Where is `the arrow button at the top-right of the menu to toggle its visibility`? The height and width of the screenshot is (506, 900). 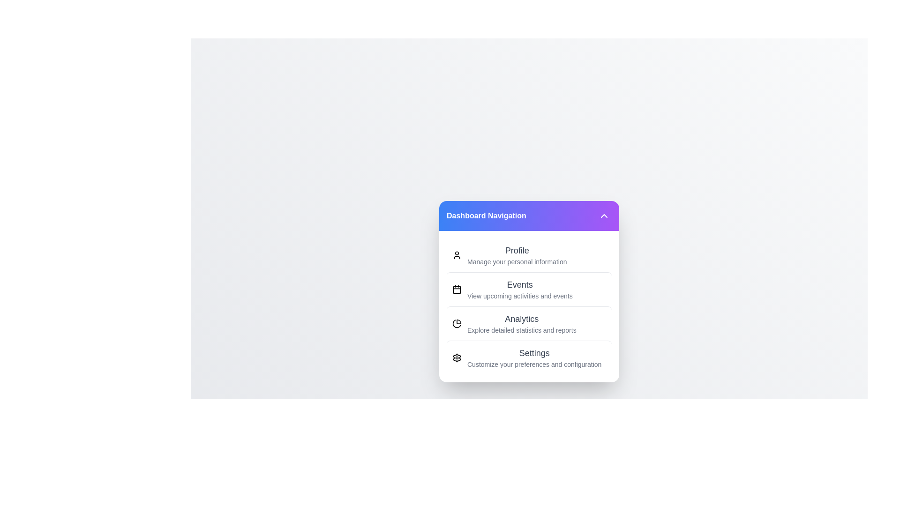 the arrow button at the top-right of the menu to toggle its visibility is located at coordinates (604, 216).